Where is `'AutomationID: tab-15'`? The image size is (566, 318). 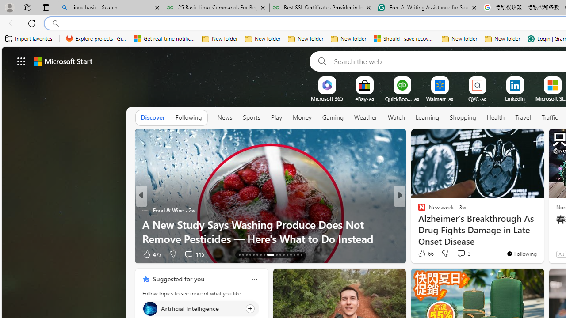 'AutomationID: tab-15' is located at coordinates (246, 255).